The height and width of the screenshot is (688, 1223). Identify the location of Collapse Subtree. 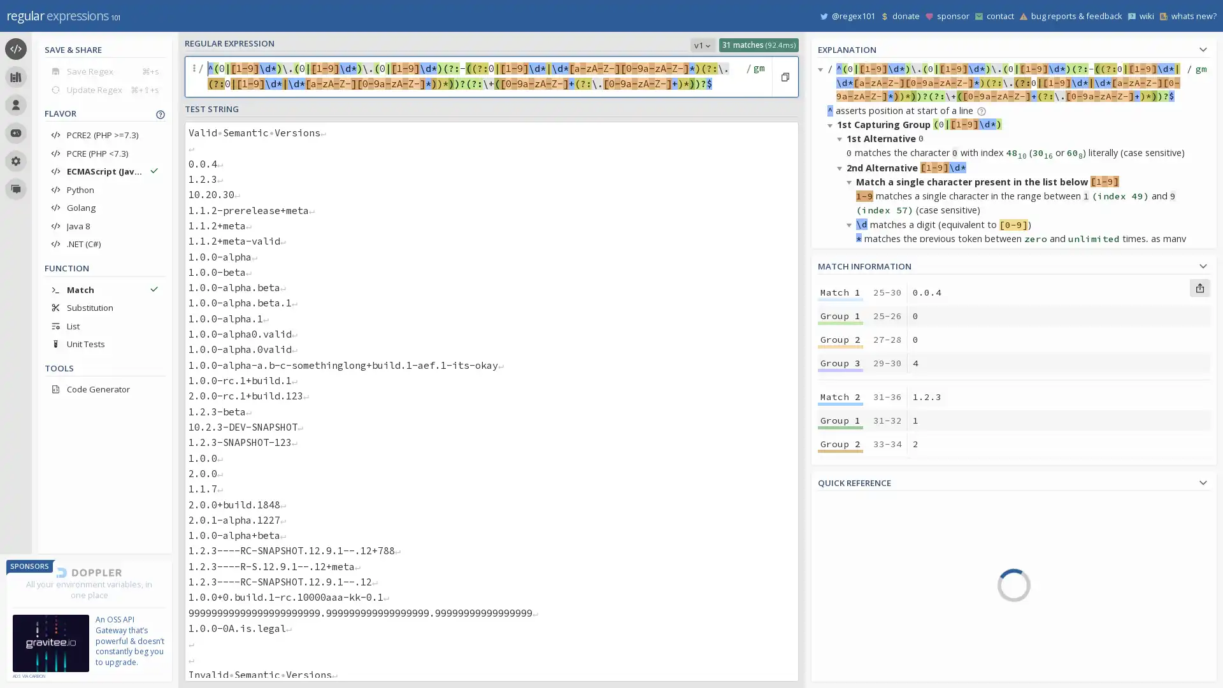
(851, 223).